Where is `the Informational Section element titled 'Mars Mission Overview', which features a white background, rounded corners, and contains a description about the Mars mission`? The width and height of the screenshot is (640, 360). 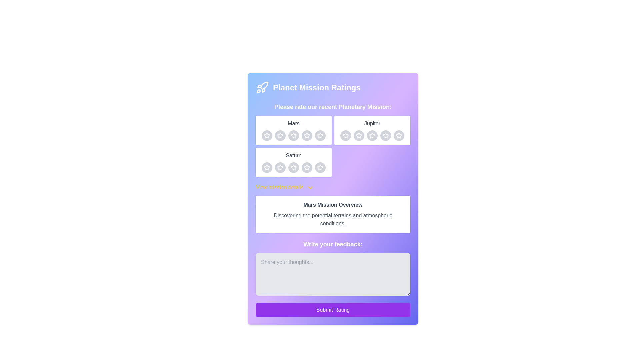 the Informational Section element titled 'Mars Mission Overview', which features a white background, rounded corners, and contains a description about the Mars mission is located at coordinates (333, 208).